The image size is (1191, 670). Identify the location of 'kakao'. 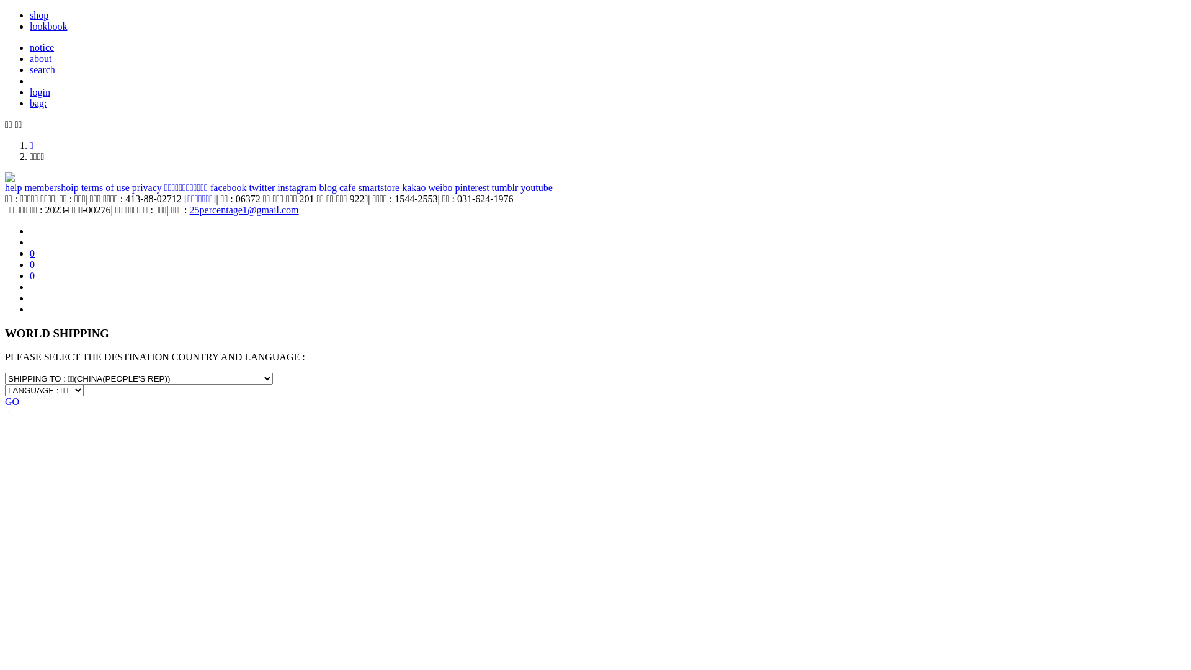
(414, 187).